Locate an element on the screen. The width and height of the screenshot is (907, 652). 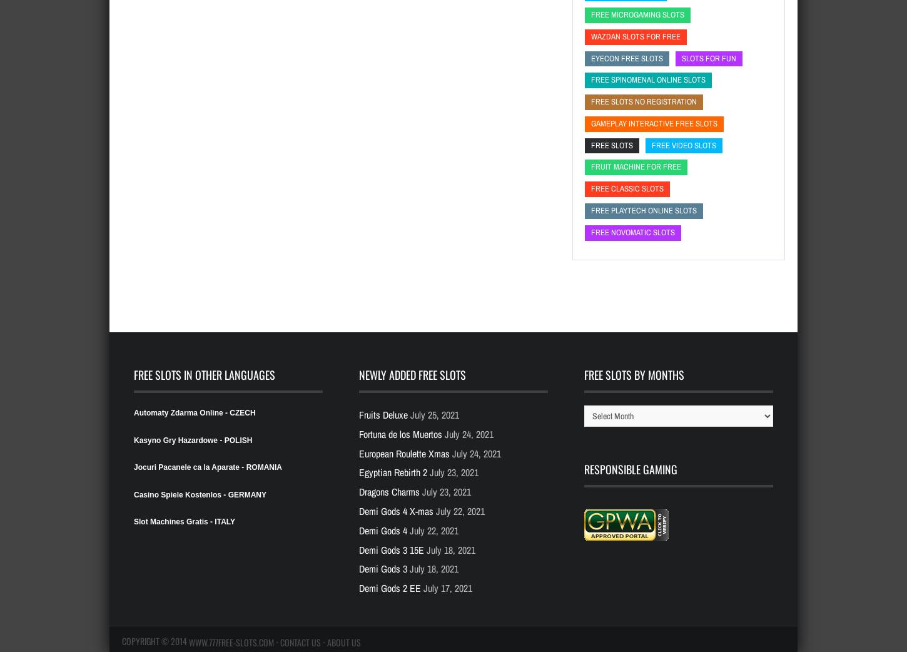
'Gameplay Interactive free slots' is located at coordinates (654, 122).